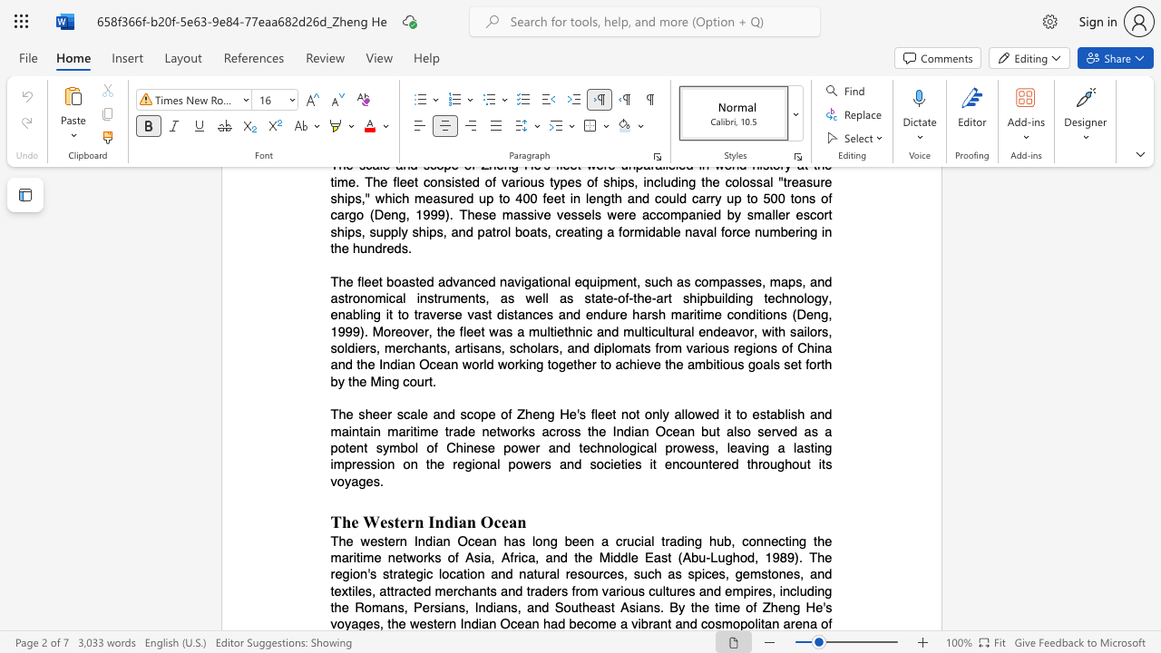  I want to click on the subset text "e power and technological prow" within the text "and maintain maritime trade networks across the Indian Ocean but also served as a potent symbol of Chinese power and technological prowess, leaving", so click(487, 448).